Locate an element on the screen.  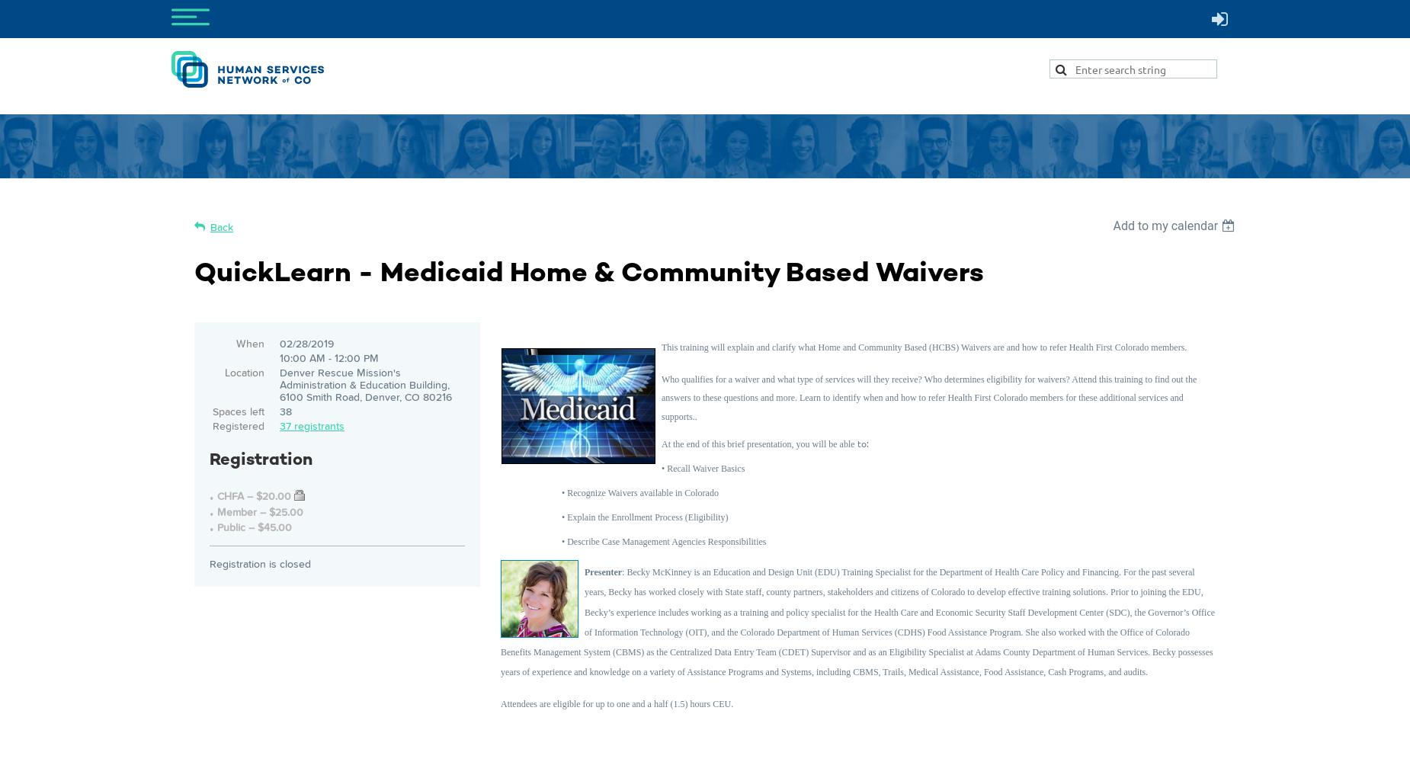
'Presenter' is located at coordinates (603, 572).